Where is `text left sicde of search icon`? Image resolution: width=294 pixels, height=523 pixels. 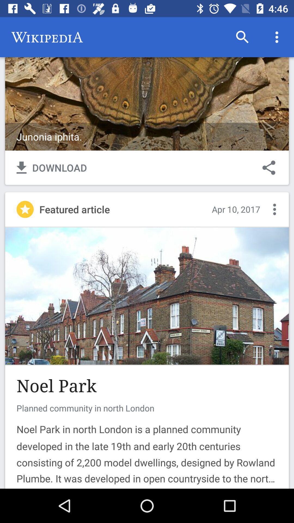
text left sicde of search icon is located at coordinates (47, 37).